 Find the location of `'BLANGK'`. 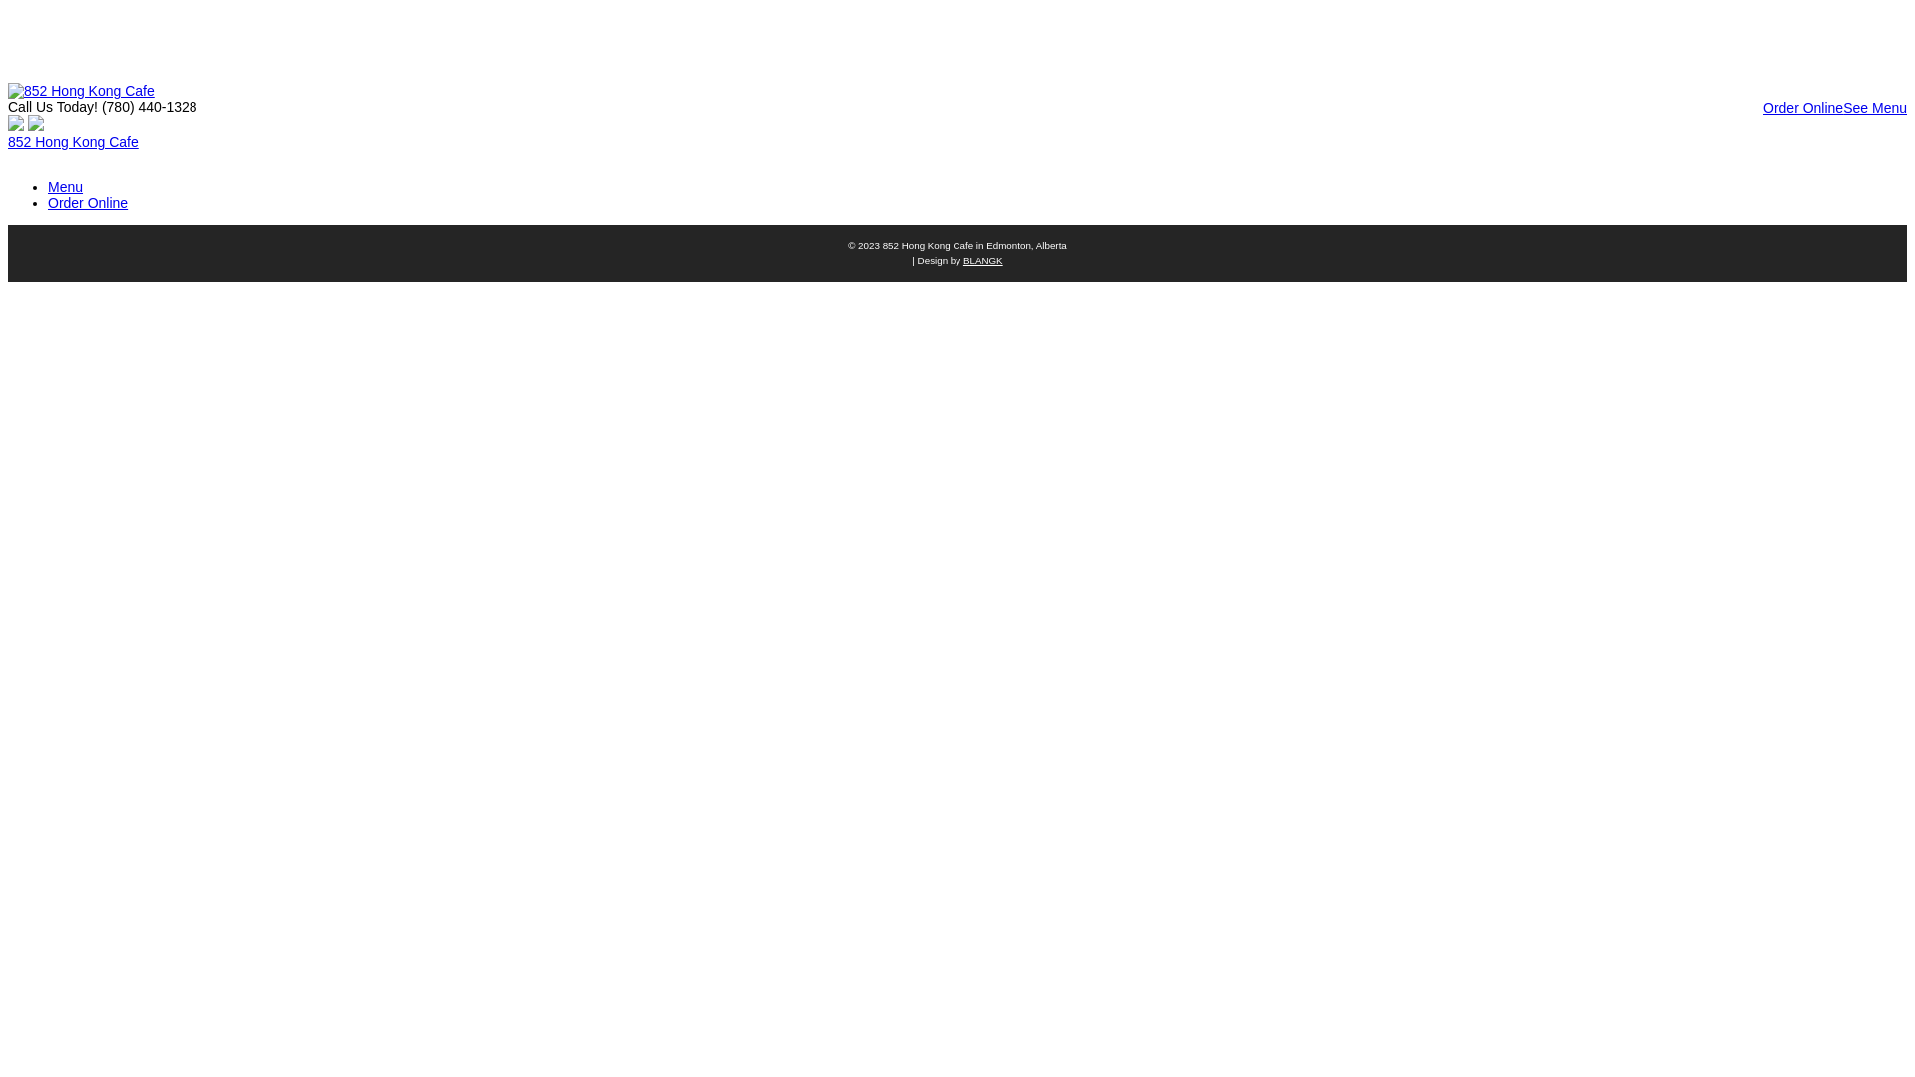

'BLANGK' is located at coordinates (962, 259).